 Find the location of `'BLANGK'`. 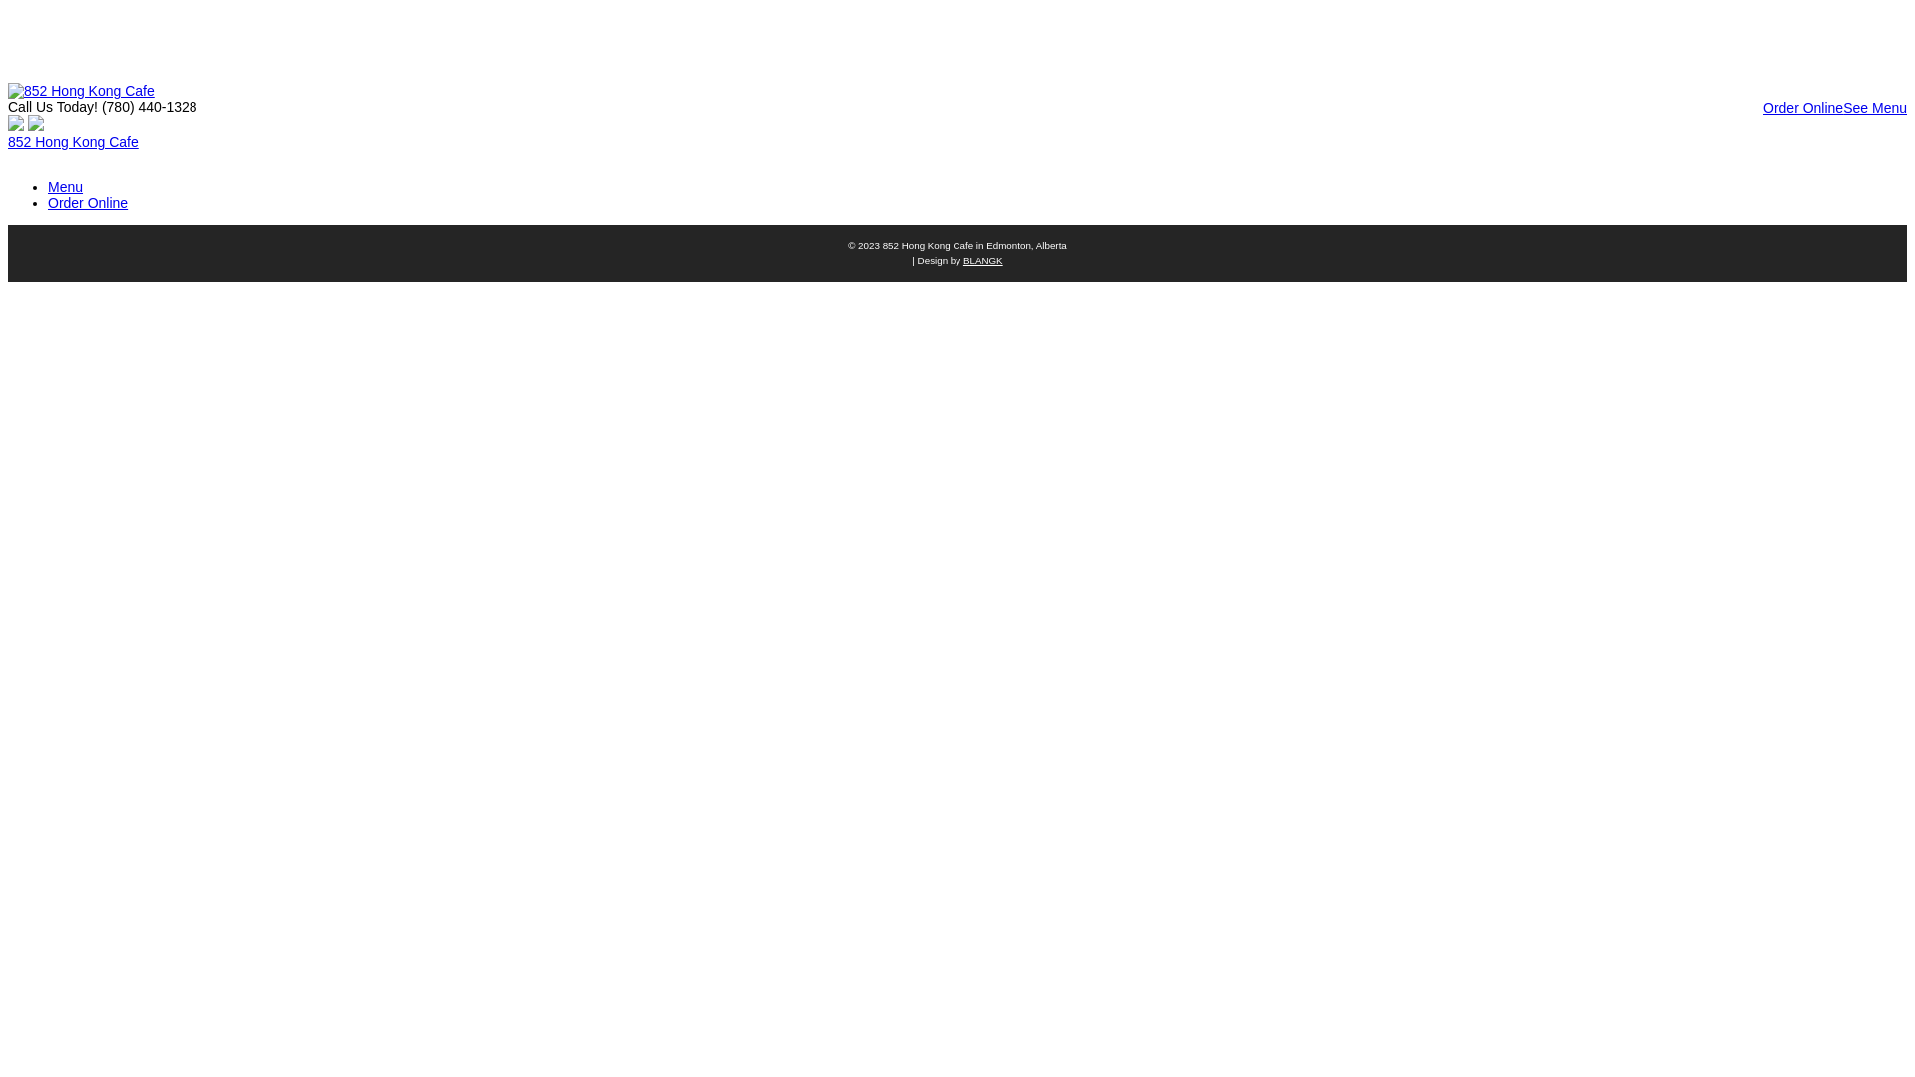

'BLANGK' is located at coordinates (962, 259).